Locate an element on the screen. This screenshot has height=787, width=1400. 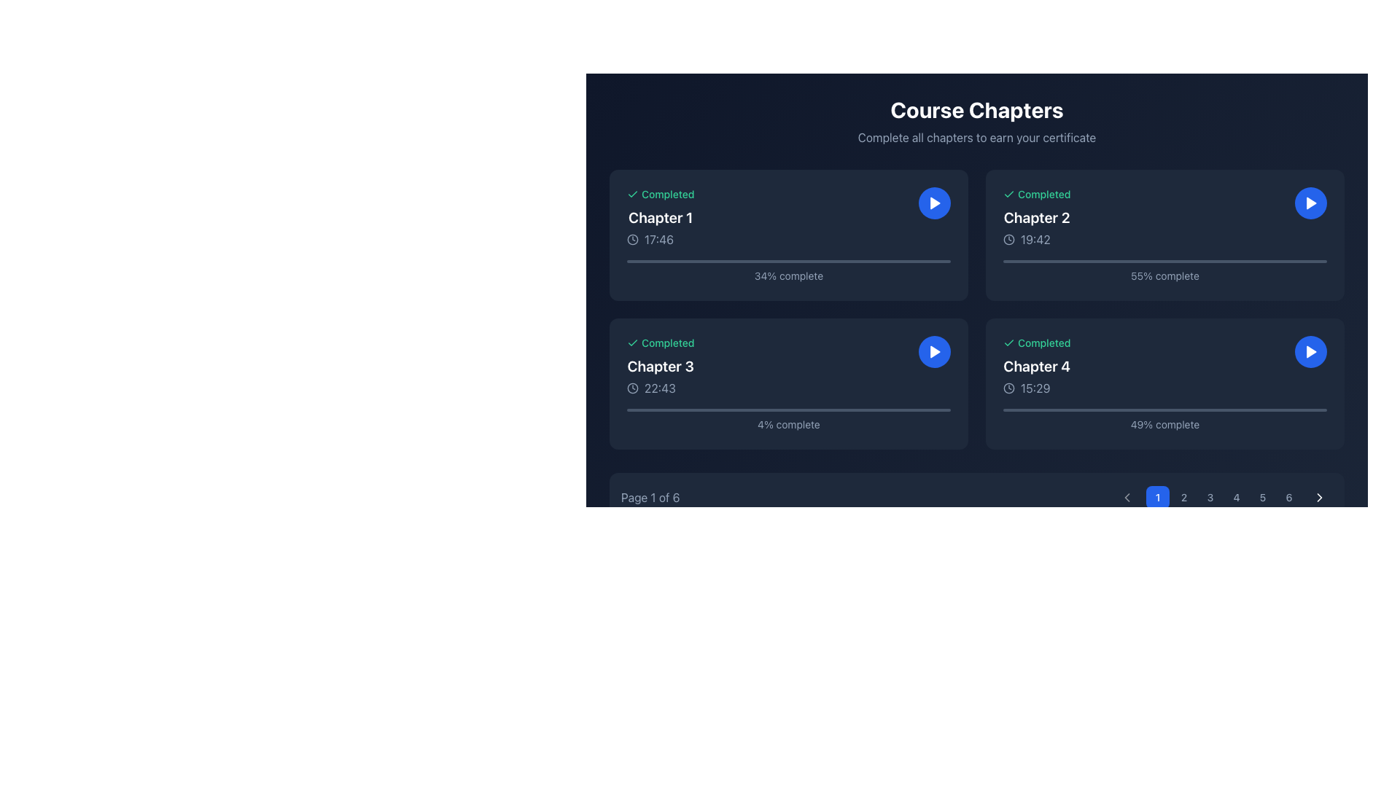
the completed chapter overview card in the 'Course Chapters' section, located at the top-left corner of the grid is located at coordinates (787, 235).